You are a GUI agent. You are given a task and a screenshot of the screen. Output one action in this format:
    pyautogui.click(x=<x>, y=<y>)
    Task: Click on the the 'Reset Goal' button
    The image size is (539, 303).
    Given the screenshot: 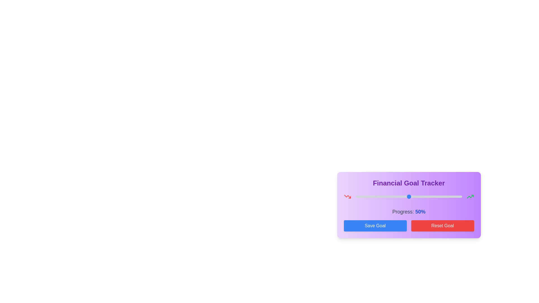 What is the action you would take?
    pyautogui.click(x=442, y=226)
    